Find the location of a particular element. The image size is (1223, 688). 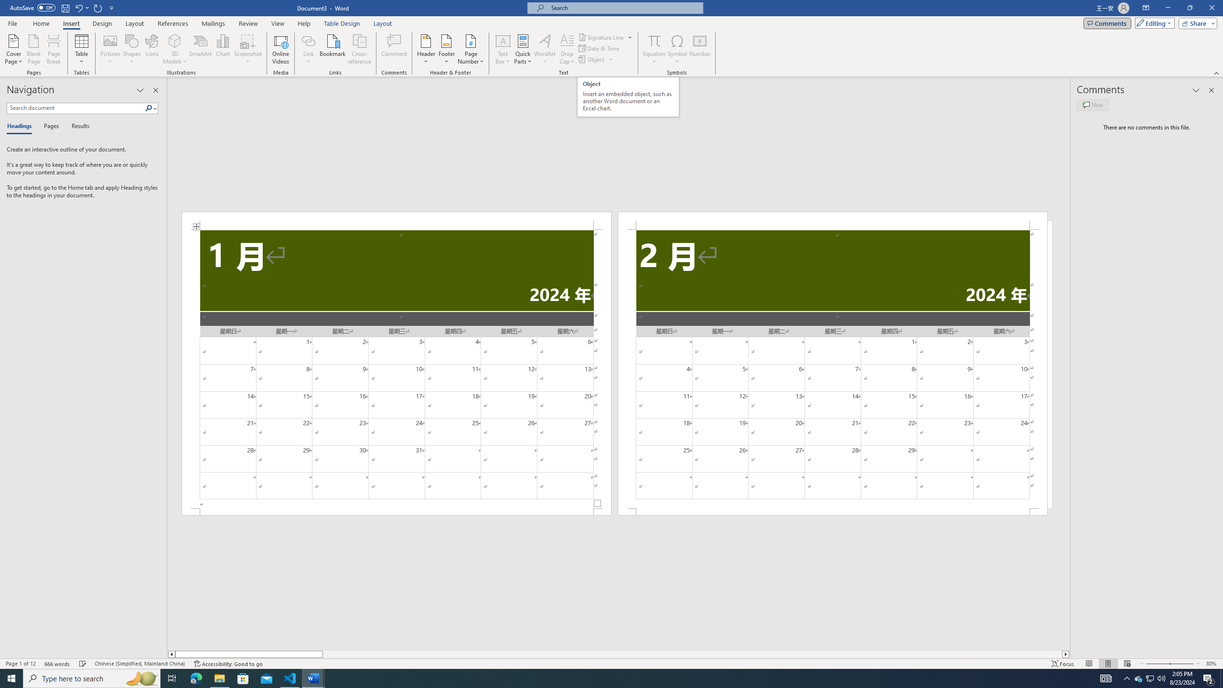

'Screenshot' is located at coordinates (247, 49).